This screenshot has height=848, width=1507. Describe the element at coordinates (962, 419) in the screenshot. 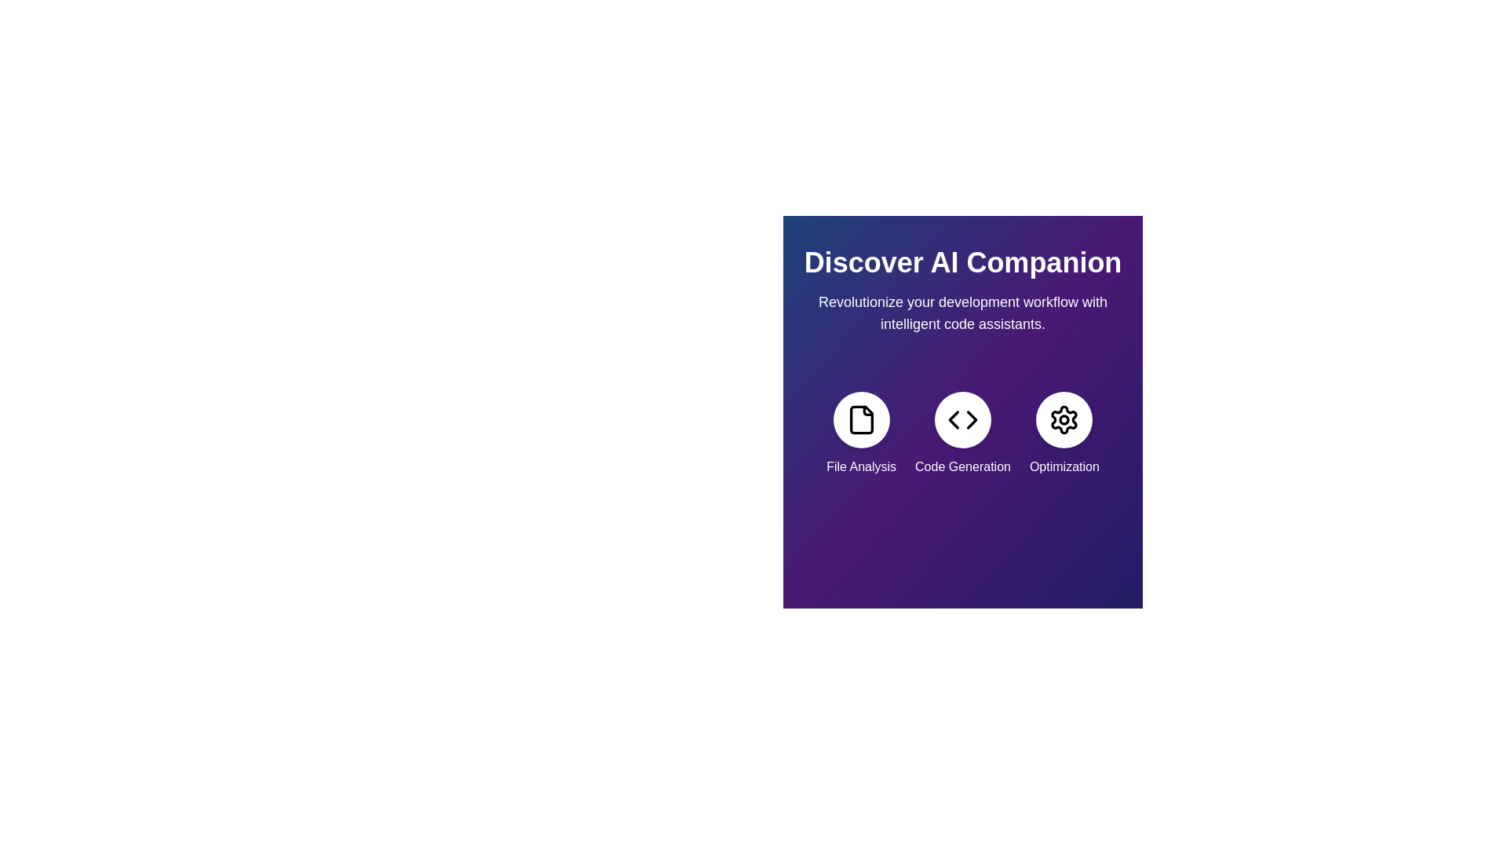

I see `the circular badge with a white background and a black coding symbol (< >)` at that location.